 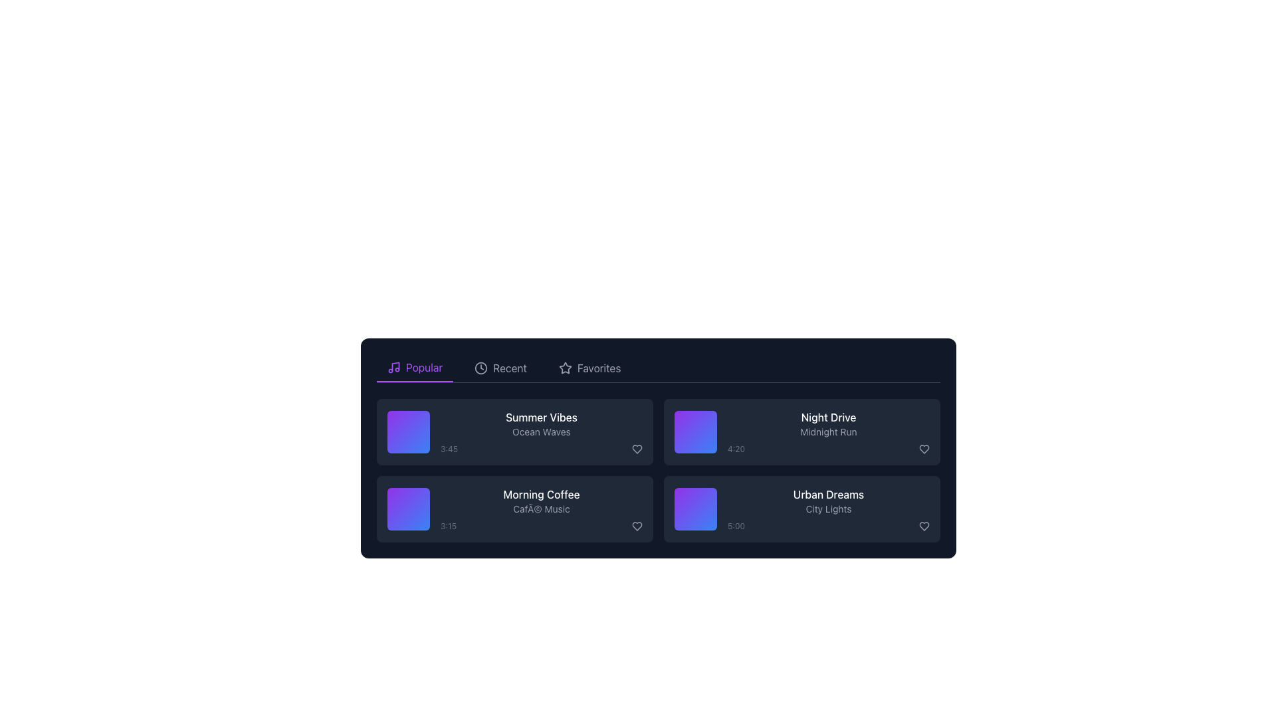 What do you see at coordinates (924, 525) in the screenshot?
I see `the heart-shaped 'like' button located in the last card at the bottom right corner of the second row, which is aligned with the duration label '5:00' and the text 'Urban Dreams'` at bounding box center [924, 525].